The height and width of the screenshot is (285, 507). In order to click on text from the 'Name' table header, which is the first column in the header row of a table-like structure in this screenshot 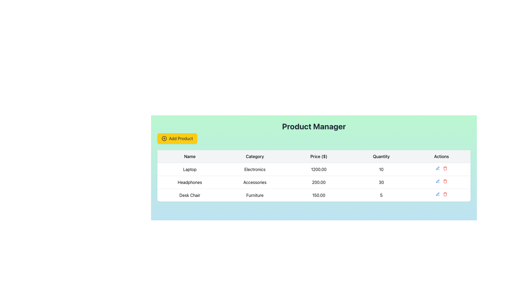, I will do `click(190, 156)`.